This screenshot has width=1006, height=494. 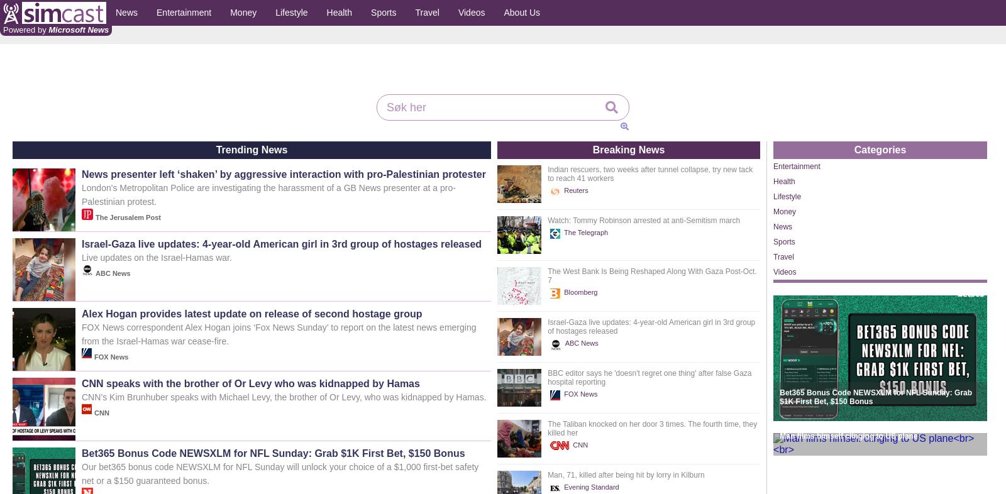 I want to click on 'The West Bank Is Being Reshaped Along With Gaza Post-Oct. 7', so click(x=651, y=275).